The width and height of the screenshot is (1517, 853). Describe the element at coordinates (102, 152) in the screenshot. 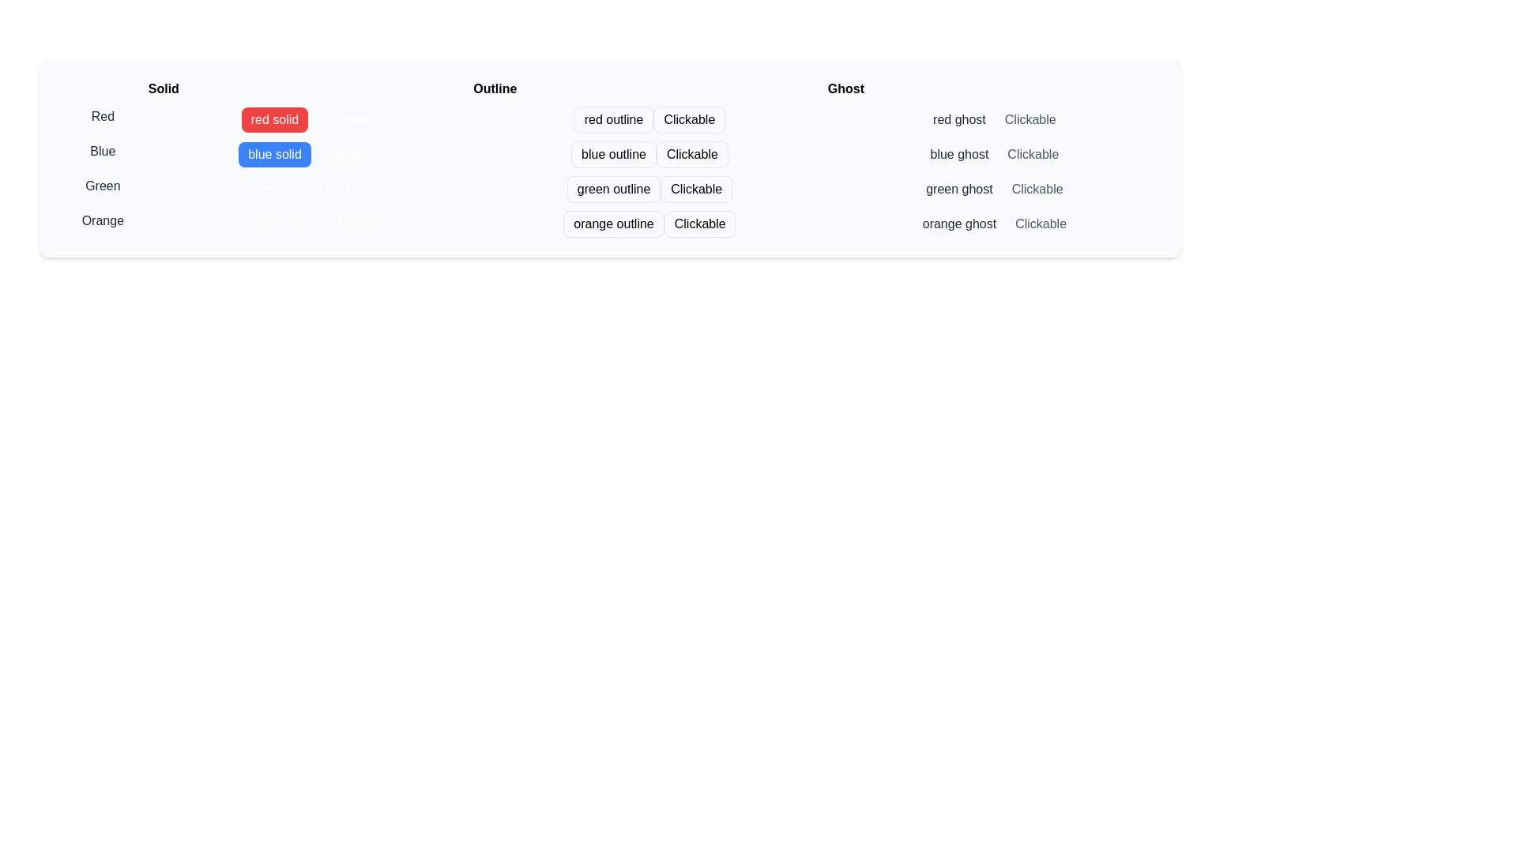

I see `the Text label that serves as a header for items related to the color 'Blue', positioned below the 'Red' entry and above the 'Green' entry in the left column of the interface` at that location.